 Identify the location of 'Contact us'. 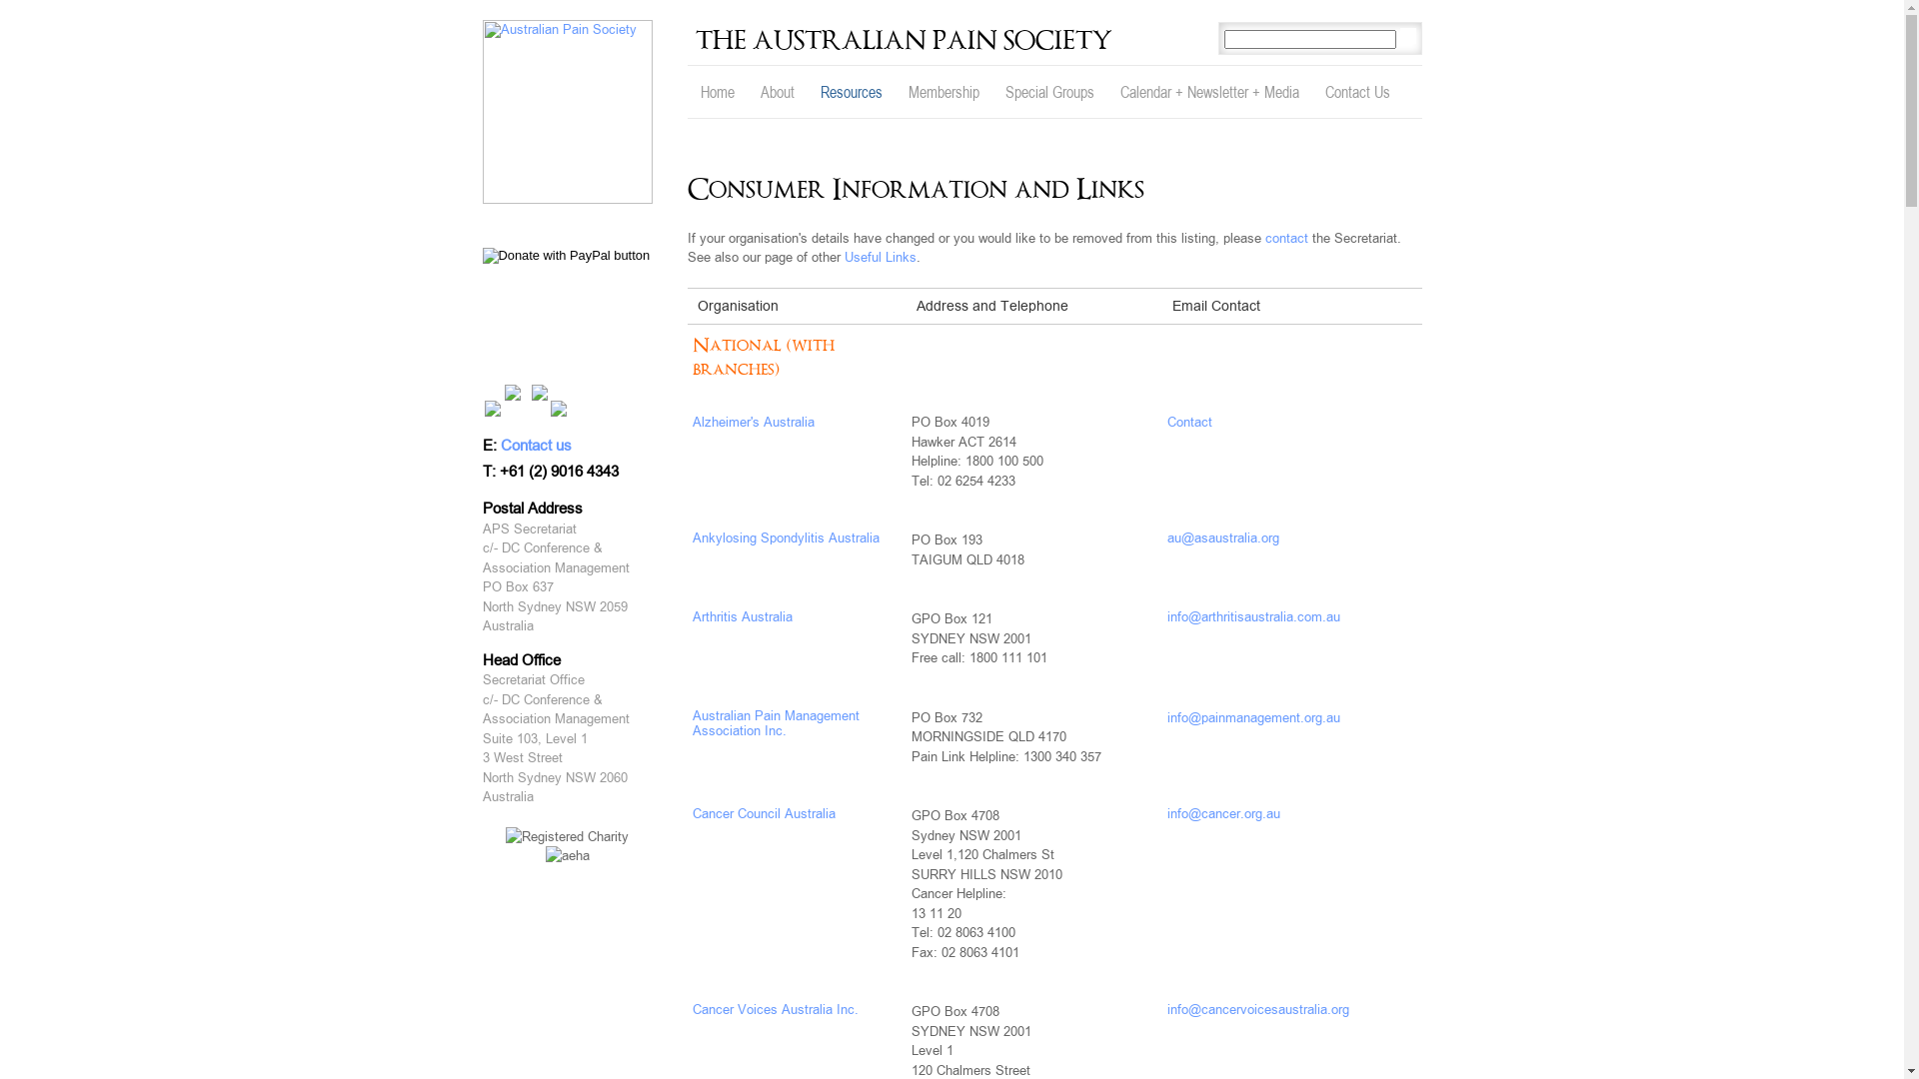
(535, 445).